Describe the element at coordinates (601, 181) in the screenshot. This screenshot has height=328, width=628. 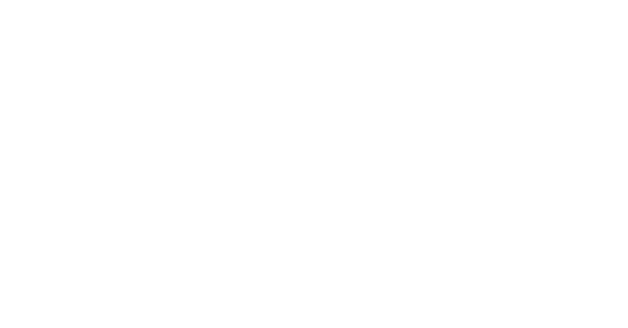
I see `'Michael Kretschmer'` at that location.